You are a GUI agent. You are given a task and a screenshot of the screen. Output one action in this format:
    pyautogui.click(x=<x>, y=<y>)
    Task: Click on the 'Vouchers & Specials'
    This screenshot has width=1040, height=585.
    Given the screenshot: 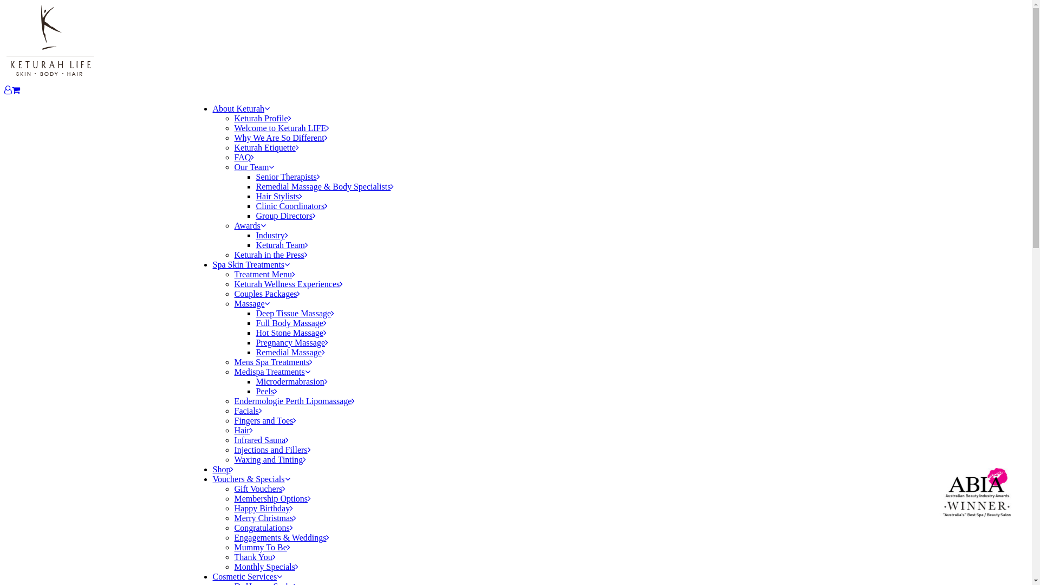 What is the action you would take?
    pyautogui.click(x=250, y=478)
    